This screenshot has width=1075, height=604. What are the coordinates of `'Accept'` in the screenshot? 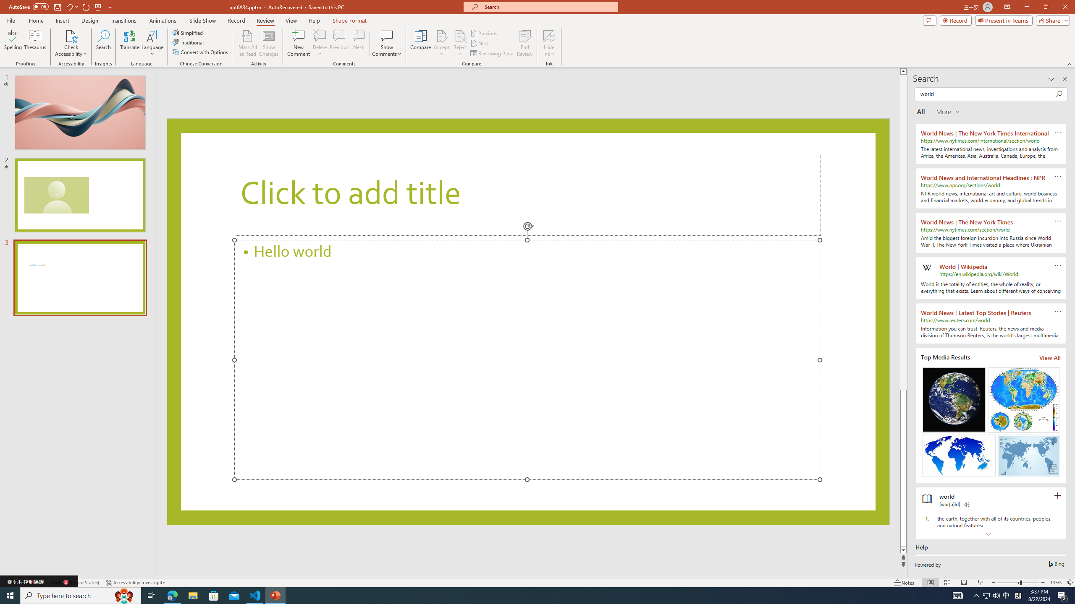 It's located at (441, 43).